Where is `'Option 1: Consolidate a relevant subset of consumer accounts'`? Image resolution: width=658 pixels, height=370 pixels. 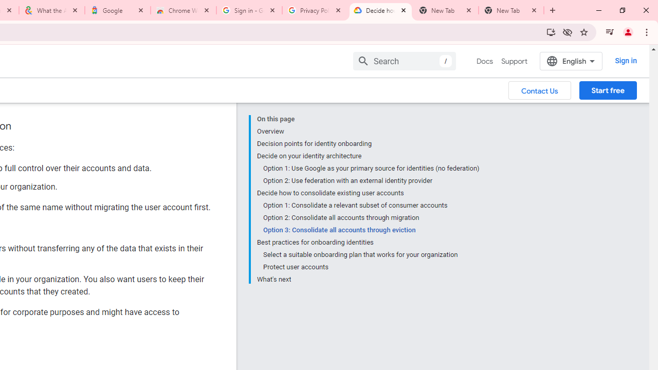 'Option 1: Consolidate a relevant subset of consumer accounts' is located at coordinates (370, 205).